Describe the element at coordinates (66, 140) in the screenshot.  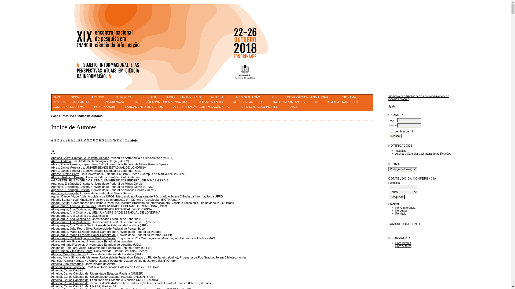
I see `'F'` at that location.